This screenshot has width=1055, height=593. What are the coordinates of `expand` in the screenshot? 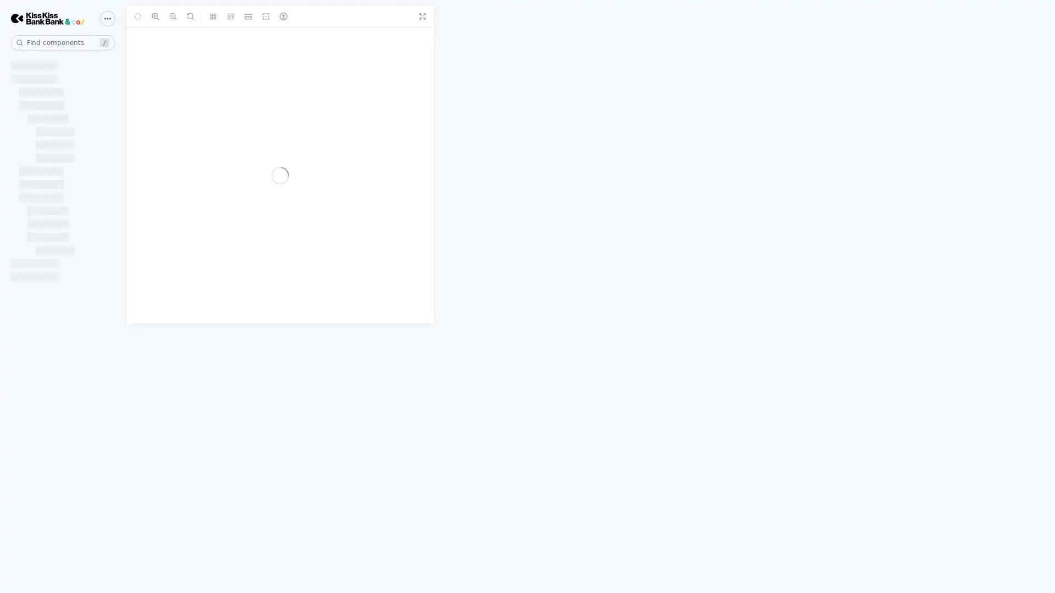 It's located at (110, 562).